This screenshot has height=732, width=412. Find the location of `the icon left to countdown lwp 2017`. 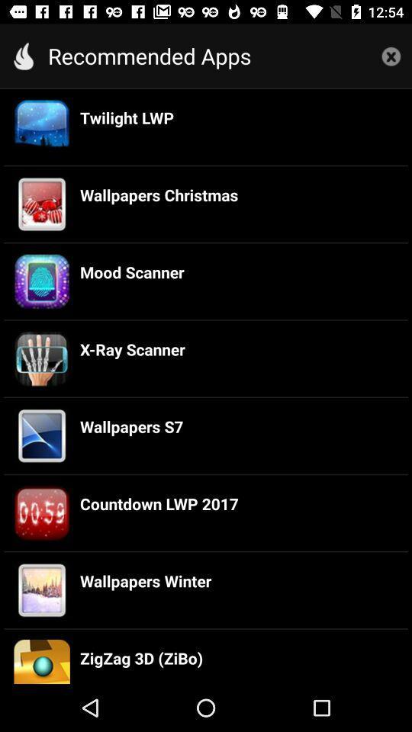

the icon left to countdown lwp 2017 is located at coordinates (42, 512).